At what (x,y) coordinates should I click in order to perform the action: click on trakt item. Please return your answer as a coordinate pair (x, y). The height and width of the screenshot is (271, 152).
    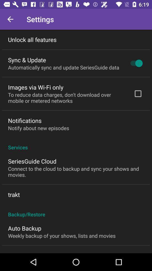
    Looking at the image, I should click on (14, 194).